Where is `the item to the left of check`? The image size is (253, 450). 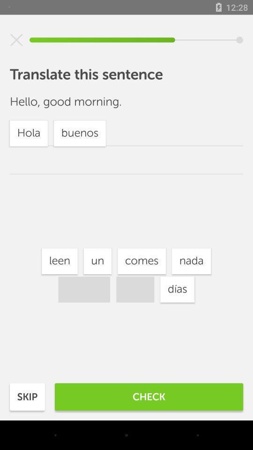
the item to the left of check is located at coordinates (27, 396).